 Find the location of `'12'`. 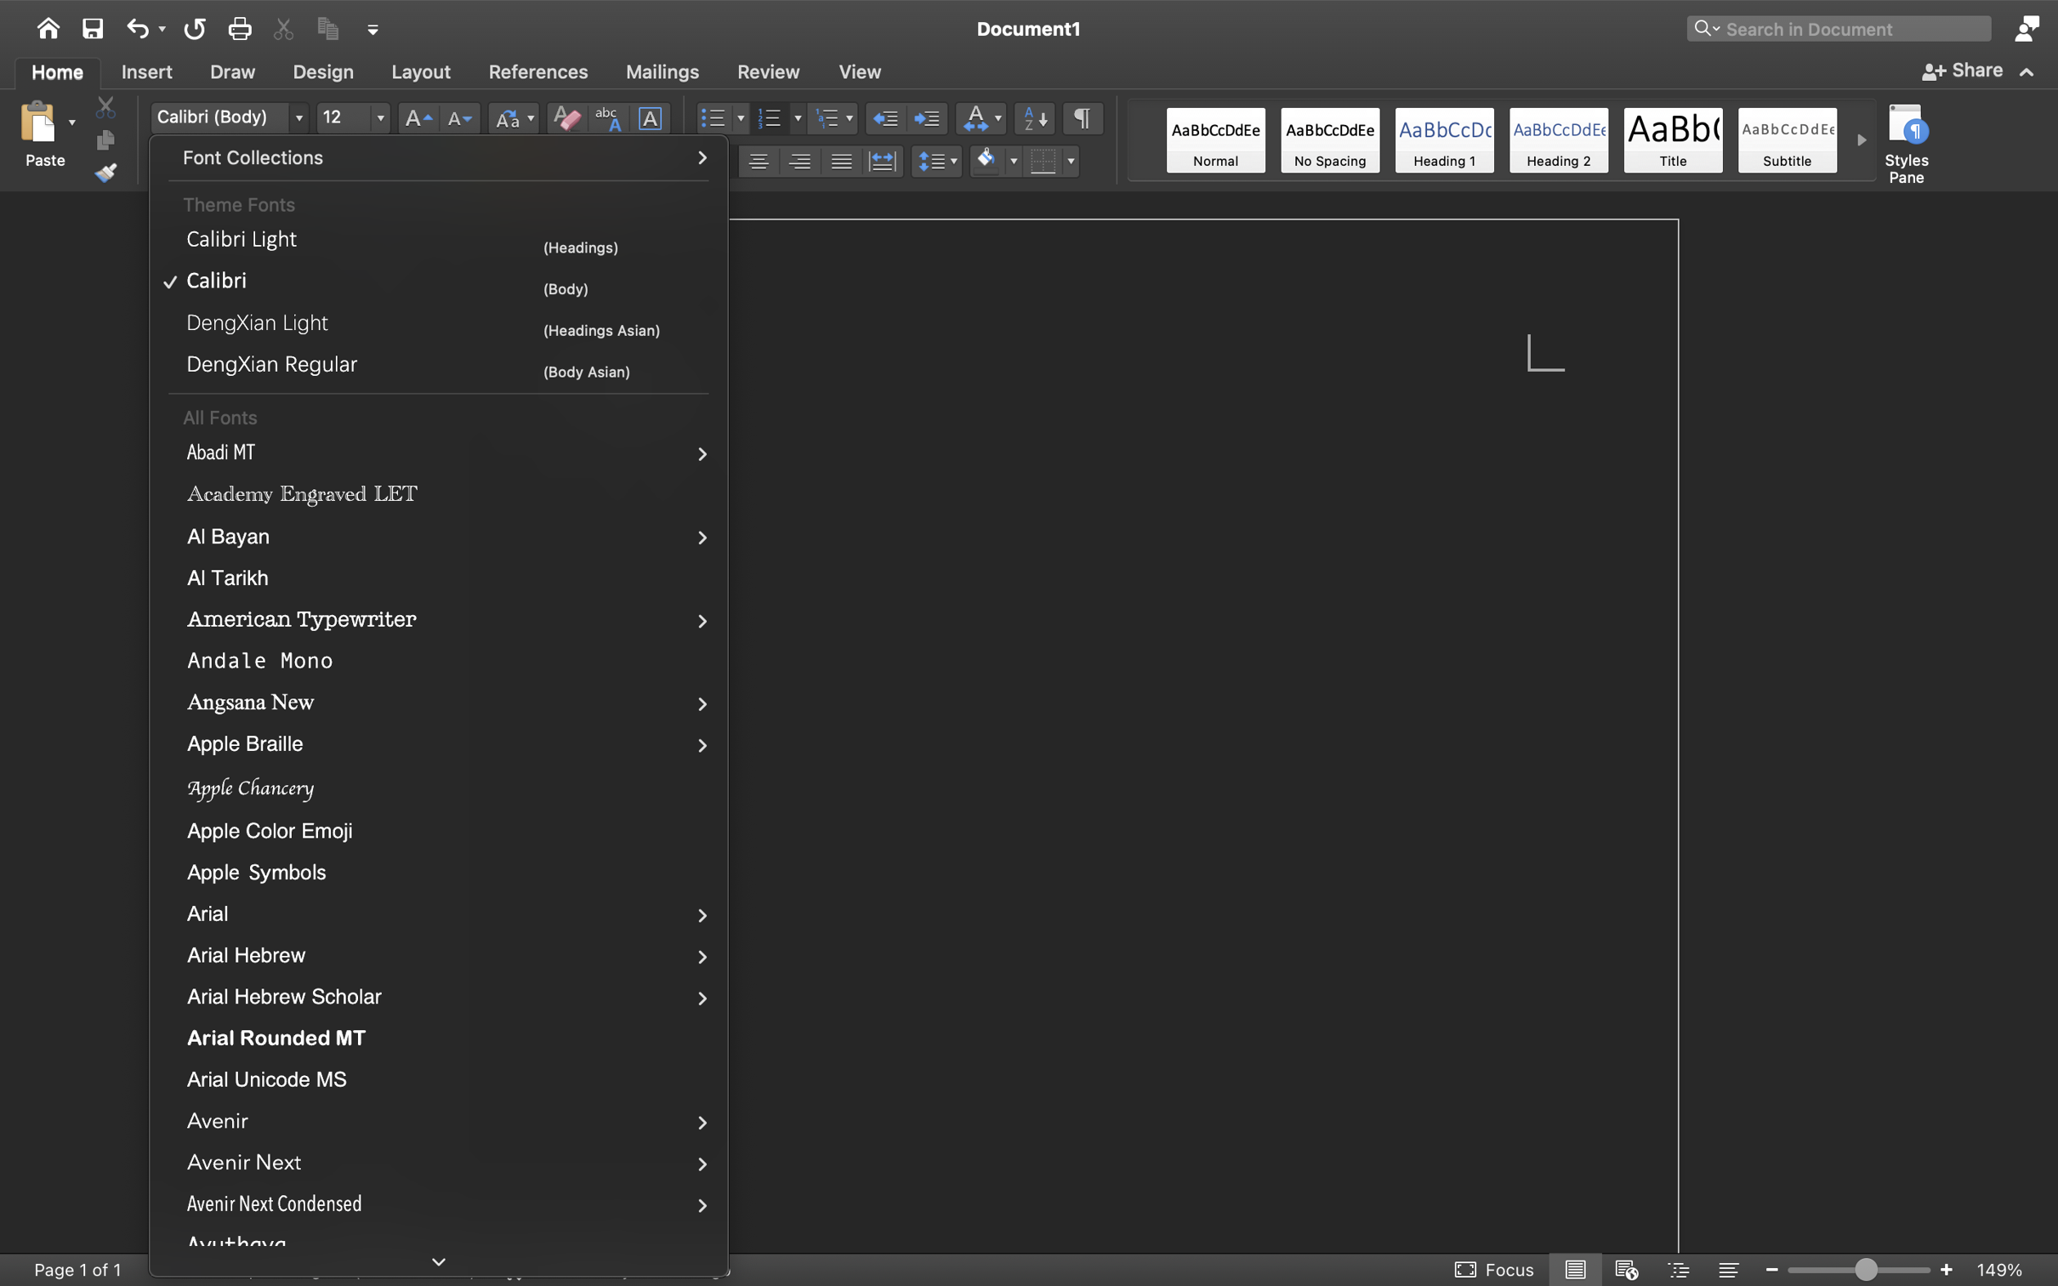

'12' is located at coordinates (353, 118).